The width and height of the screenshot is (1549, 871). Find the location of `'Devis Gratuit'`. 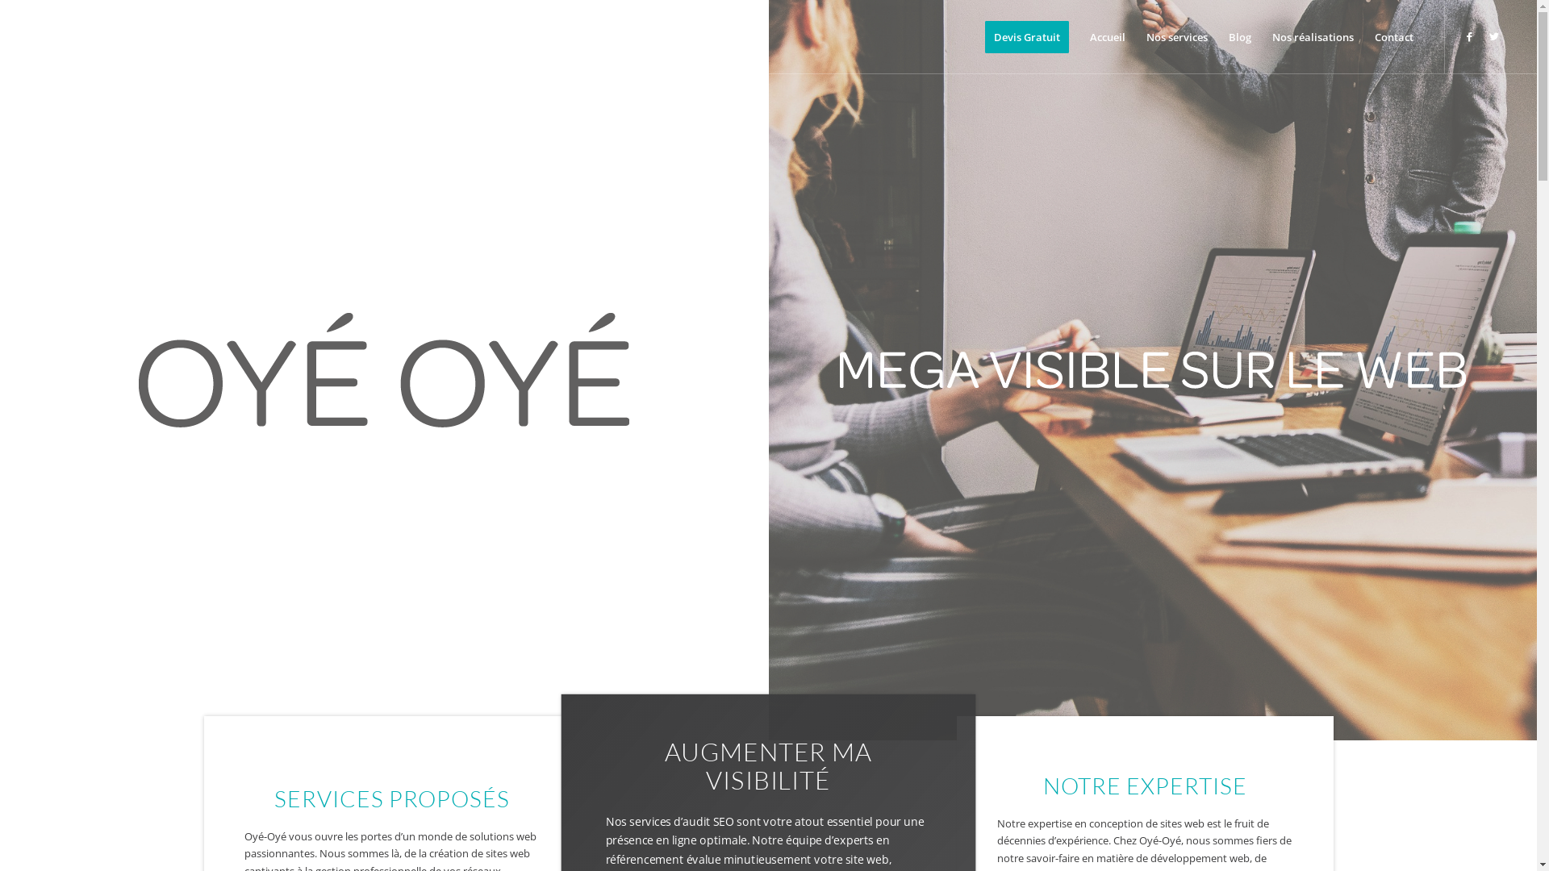

'Devis Gratuit' is located at coordinates (1025, 36).